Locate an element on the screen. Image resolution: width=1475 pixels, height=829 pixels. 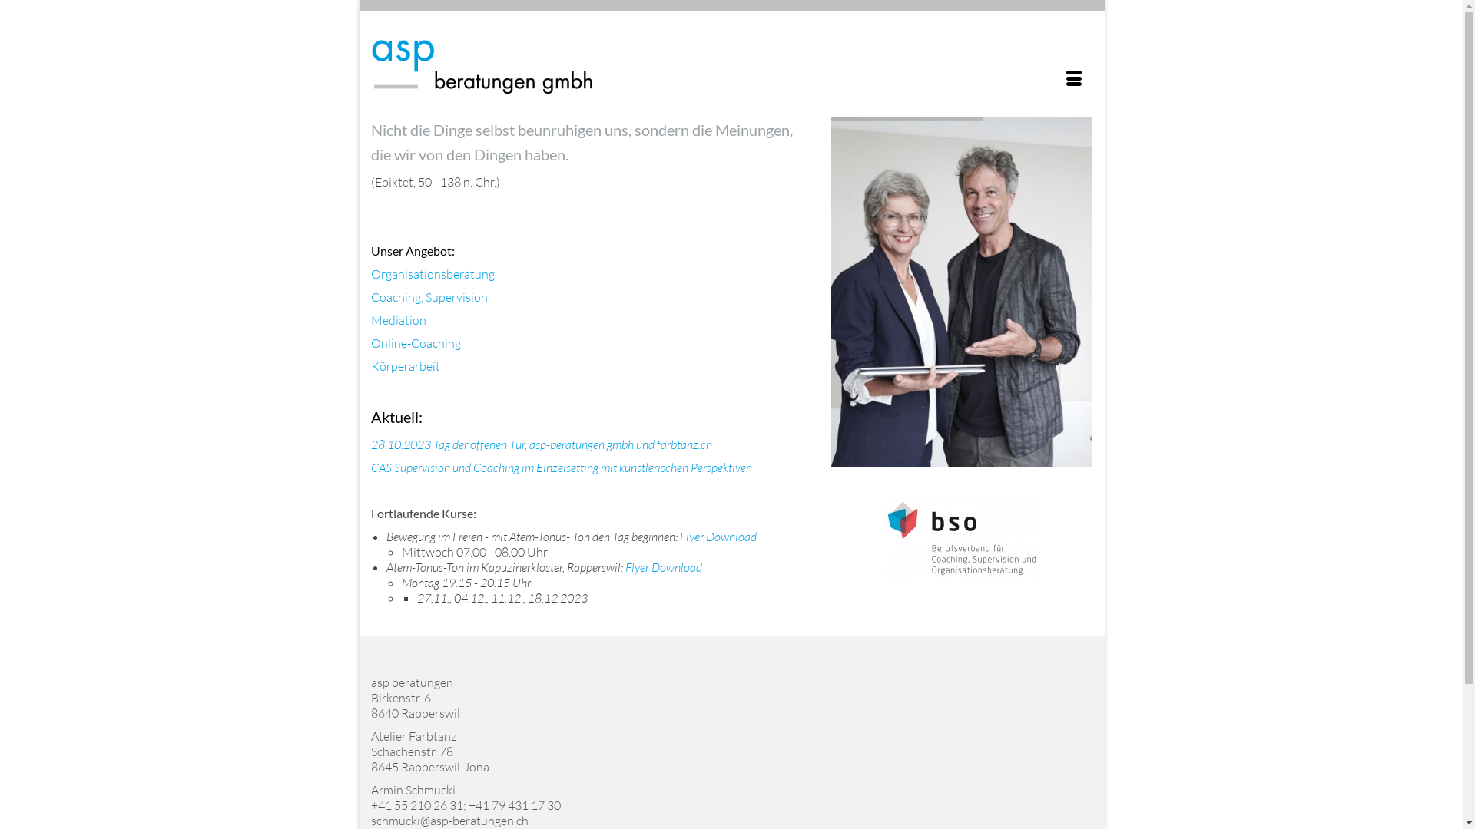
'Supervision' is located at coordinates (456, 296).